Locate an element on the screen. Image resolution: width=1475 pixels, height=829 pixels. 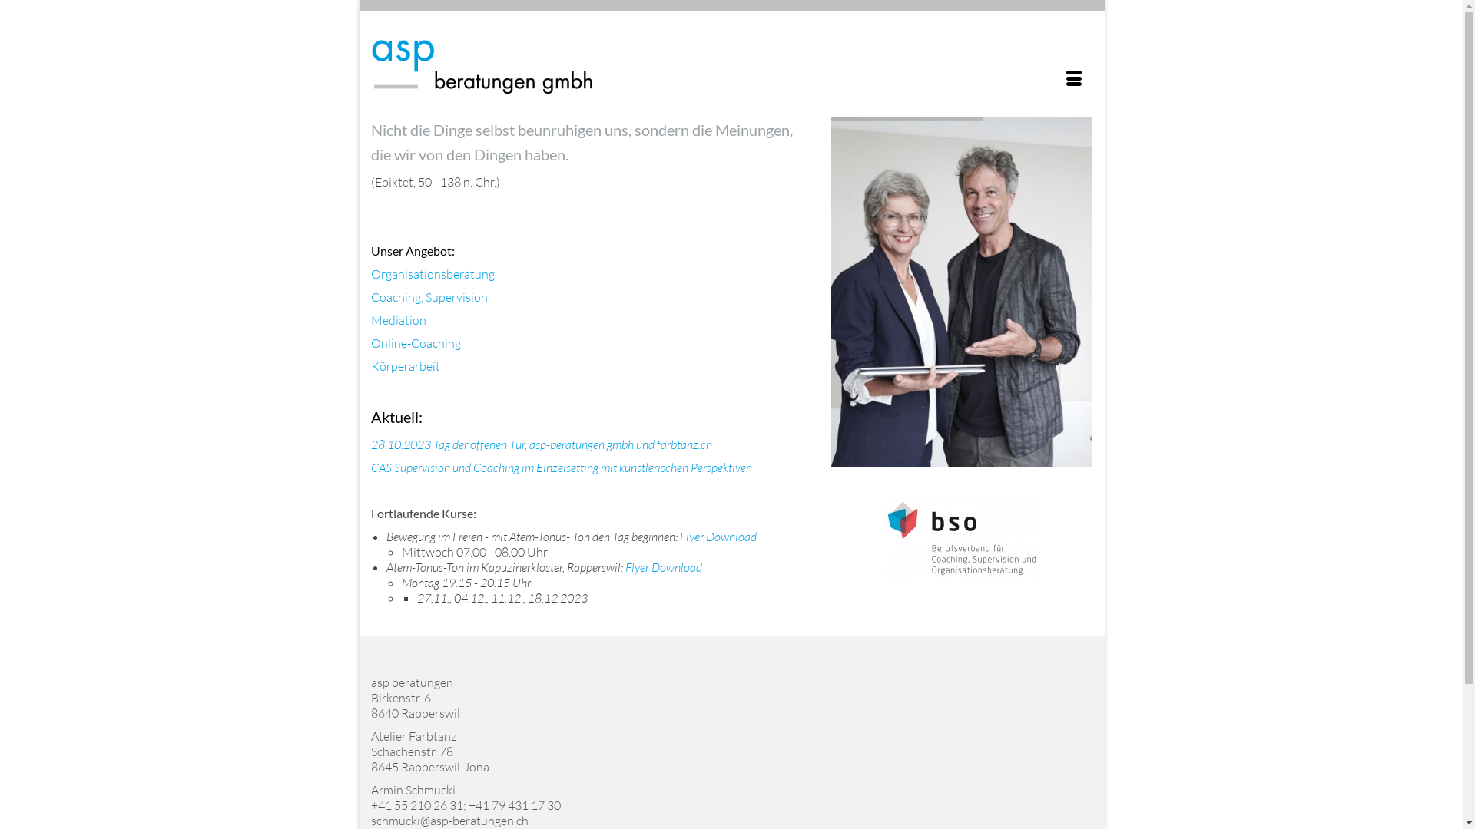
'Supervision' is located at coordinates (456, 296).